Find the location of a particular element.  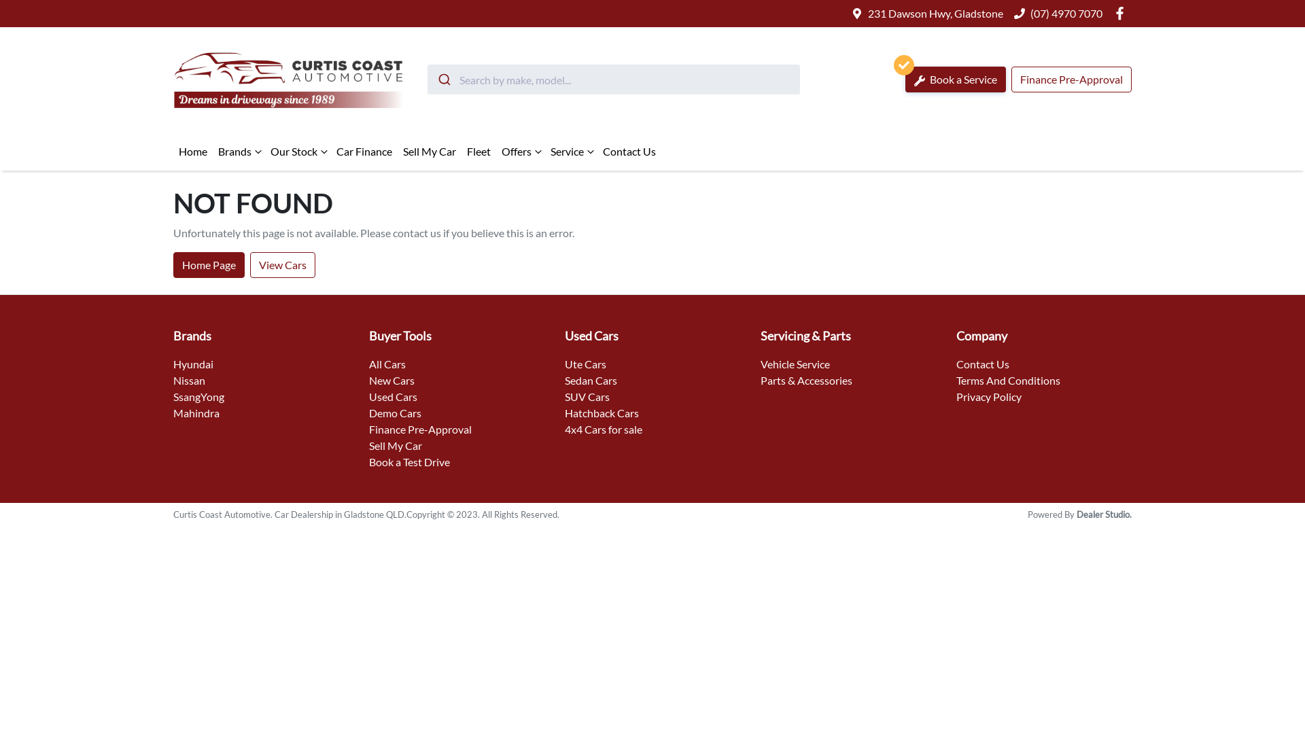

'Demo Cars' is located at coordinates (394, 412).